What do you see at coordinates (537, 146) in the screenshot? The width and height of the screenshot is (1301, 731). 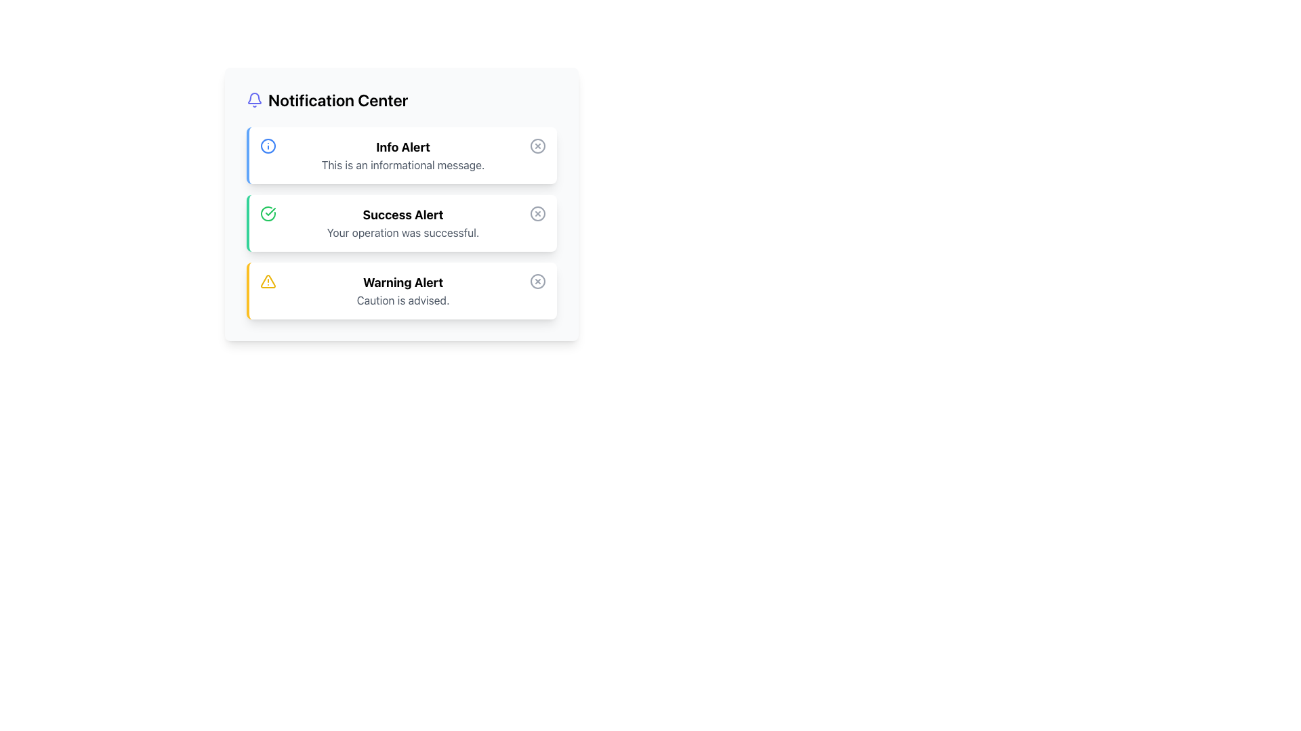 I see `the circular UI decorative element located at the top-right corner of the 'Info Alert' notification item, which resembles a close button` at bounding box center [537, 146].